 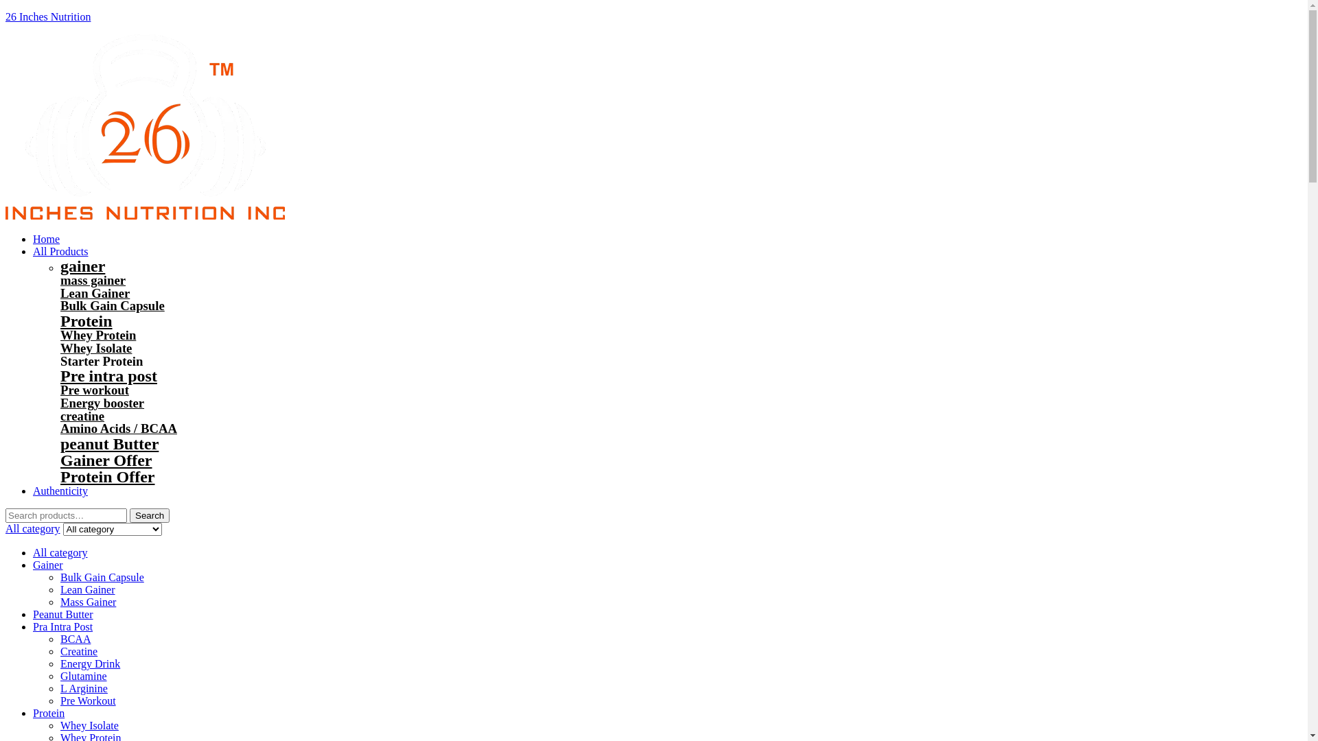 I want to click on 'Peanut Butter', so click(x=62, y=613).